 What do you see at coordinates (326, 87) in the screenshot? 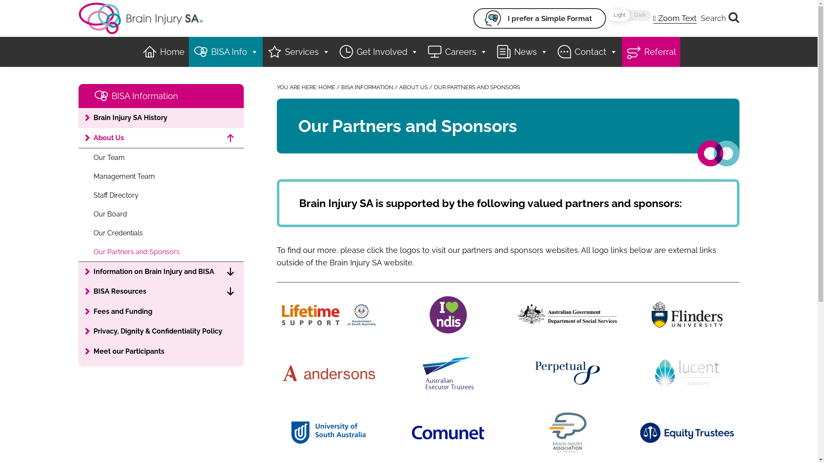
I see `'HOME'` at bounding box center [326, 87].